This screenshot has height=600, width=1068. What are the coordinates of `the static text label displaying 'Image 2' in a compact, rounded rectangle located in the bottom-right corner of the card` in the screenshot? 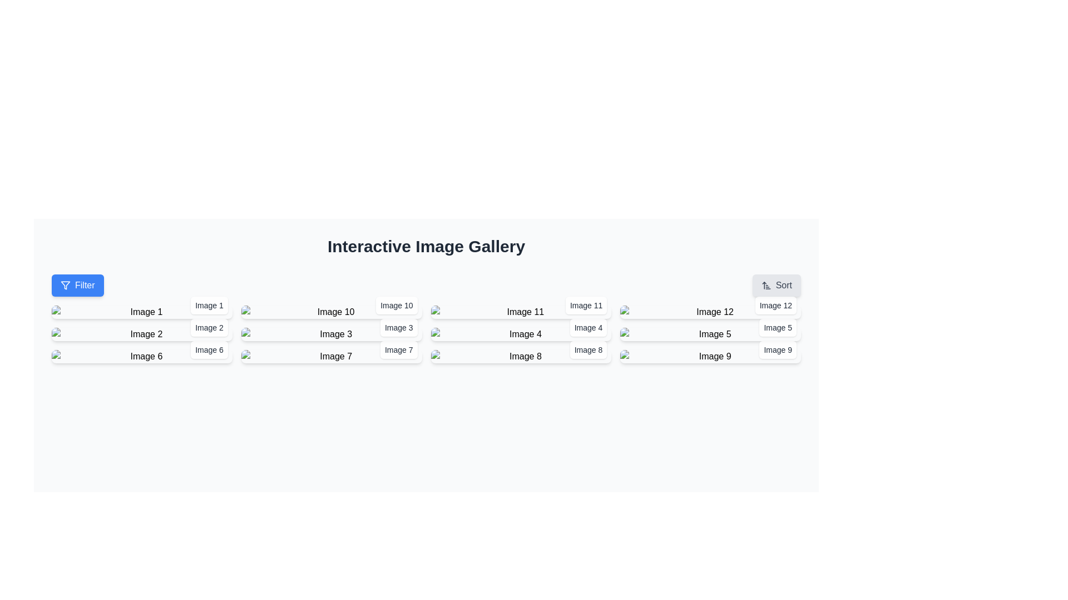 It's located at (209, 327).